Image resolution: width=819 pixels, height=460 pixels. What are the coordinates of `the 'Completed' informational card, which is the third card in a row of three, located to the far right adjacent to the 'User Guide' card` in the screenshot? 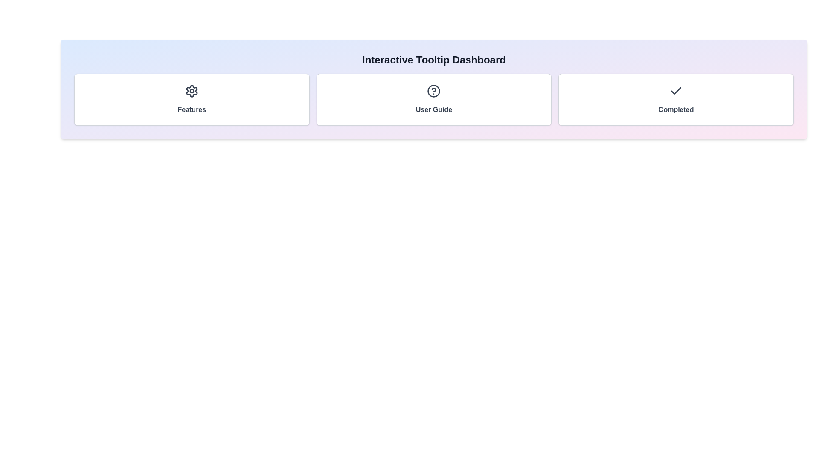 It's located at (676, 99).